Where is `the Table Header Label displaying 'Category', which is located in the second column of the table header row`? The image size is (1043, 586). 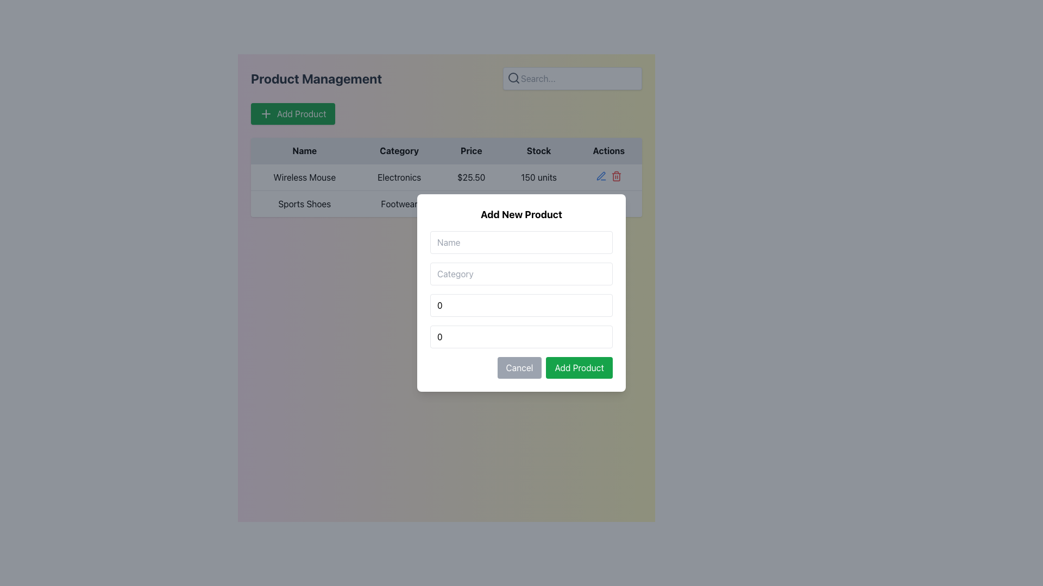
the Table Header Label displaying 'Category', which is located in the second column of the table header row is located at coordinates (399, 151).